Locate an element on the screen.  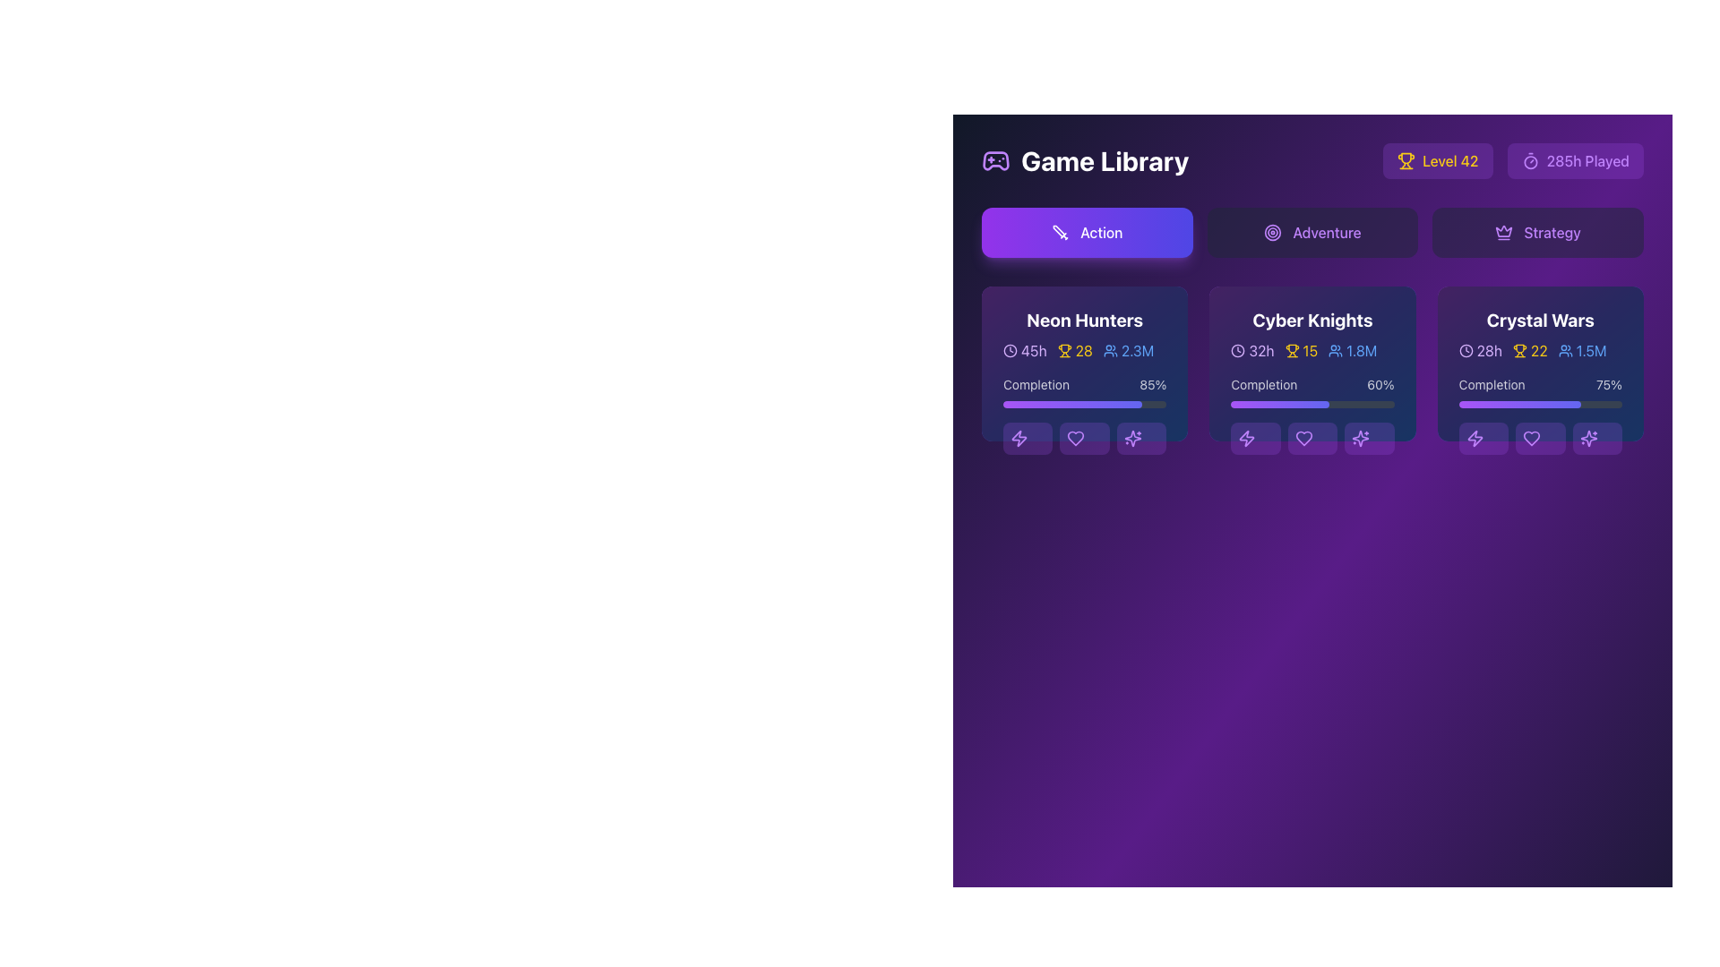
the text label within the interactive button element that describes 'Adventure'-themed content for accessibility features is located at coordinates (1327, 231).